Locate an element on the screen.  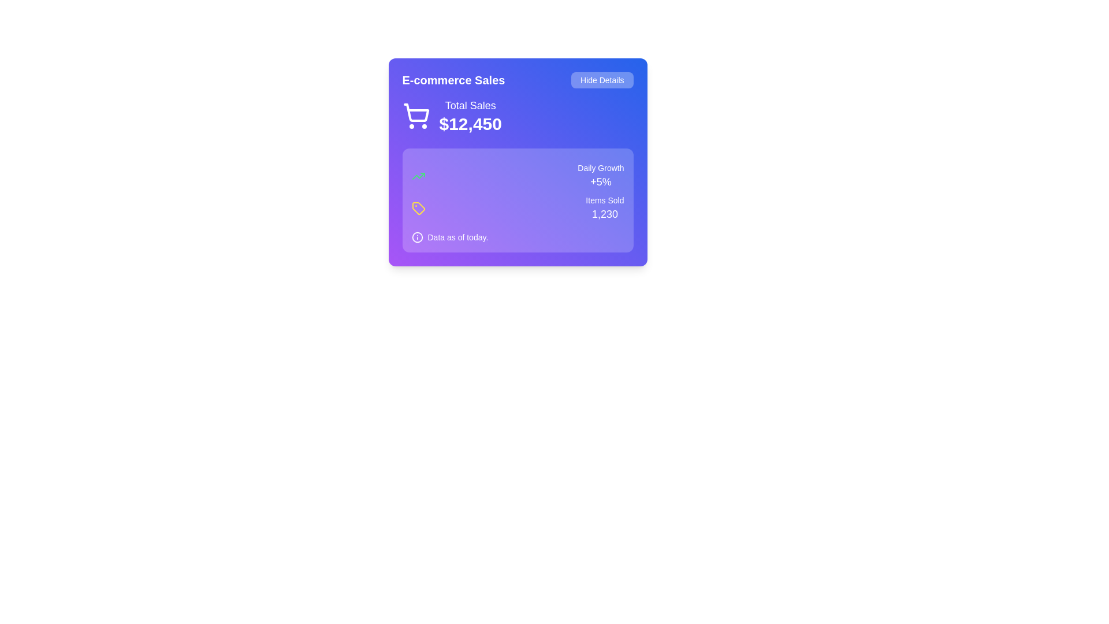
the icon located to the left of the 'Items Sold 1,230' text, which visually indicates the information displayed is located at coordinates (418, 209).